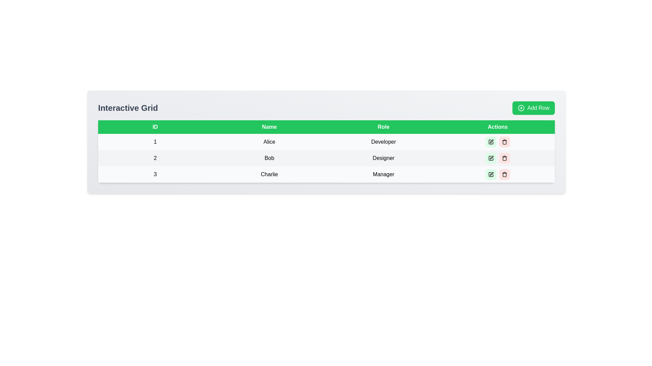 This screenshot has width=652, height=366. I want to click on the static text display element that shows the name 'Bob' in the second row of the tabular dataset under the 'Name' column, so click(269, 158).